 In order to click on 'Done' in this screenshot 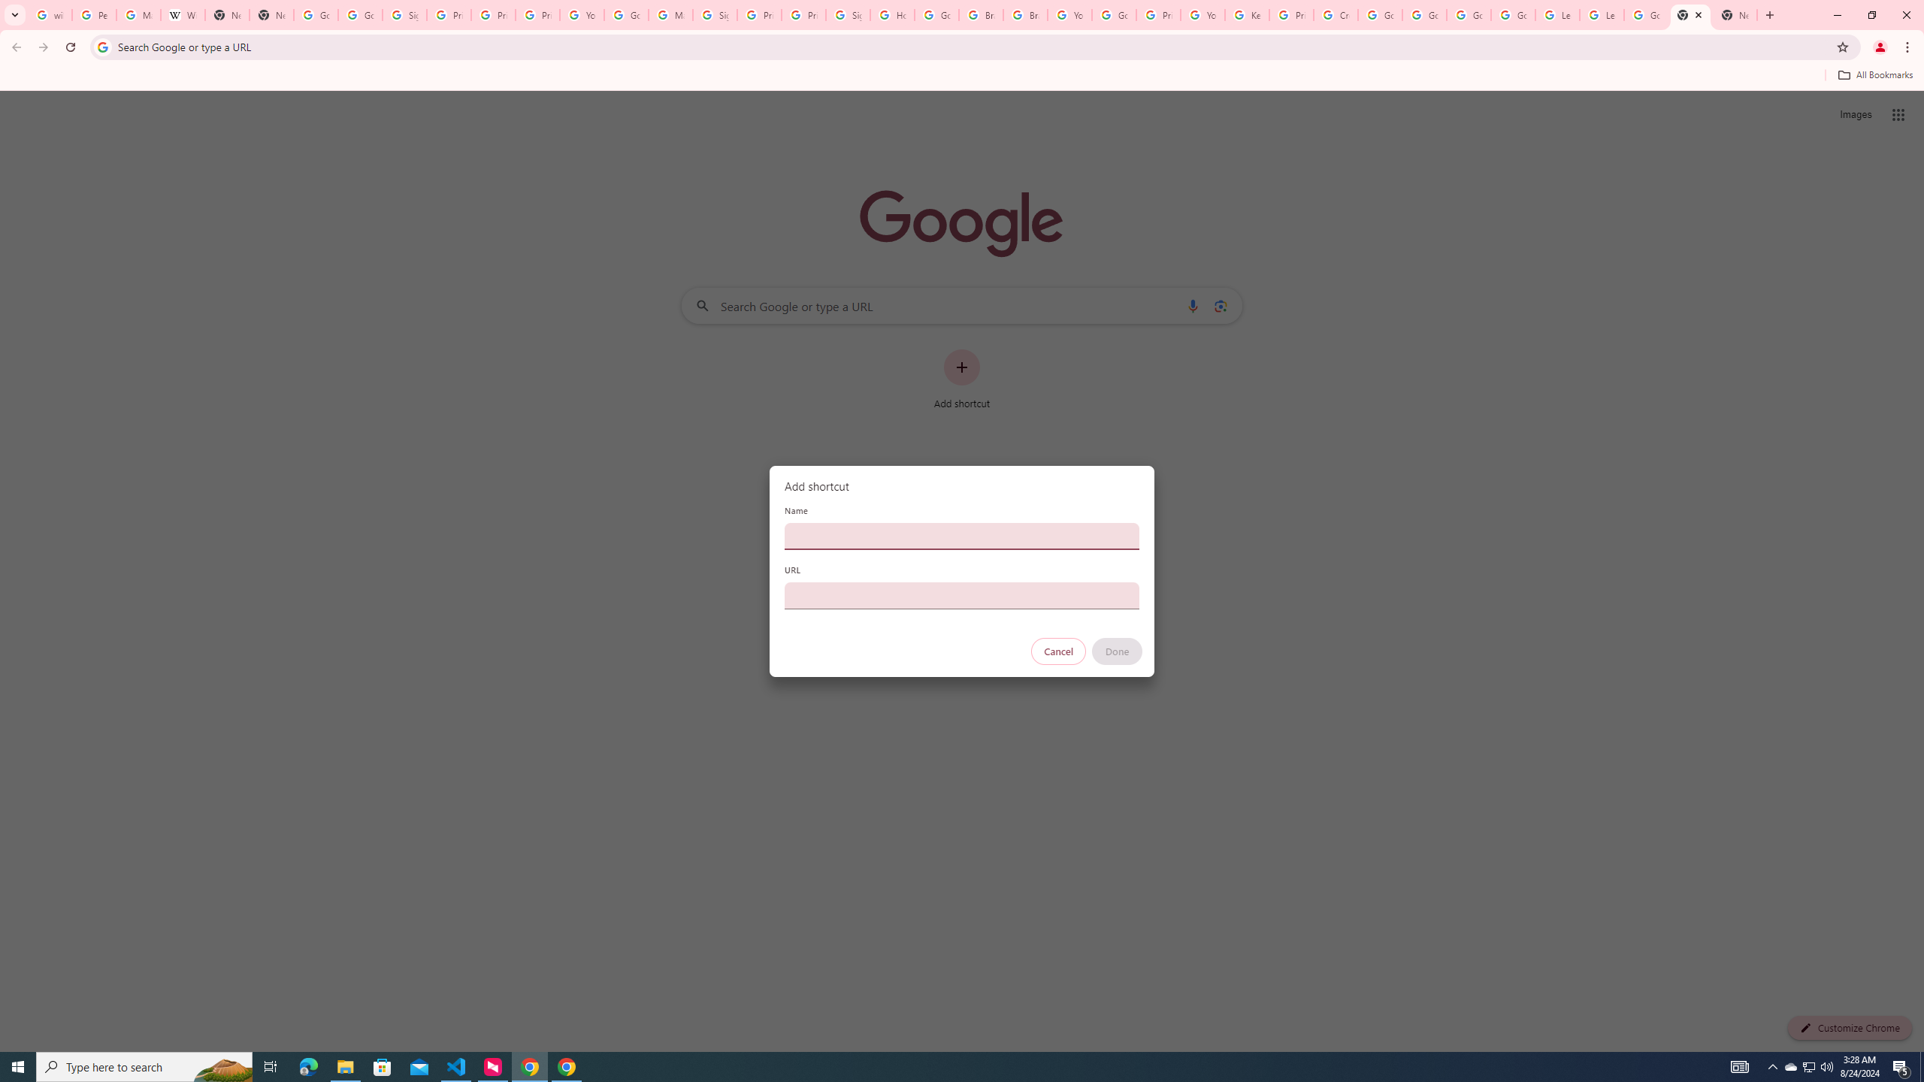, I will do `click(1118, 651)`.